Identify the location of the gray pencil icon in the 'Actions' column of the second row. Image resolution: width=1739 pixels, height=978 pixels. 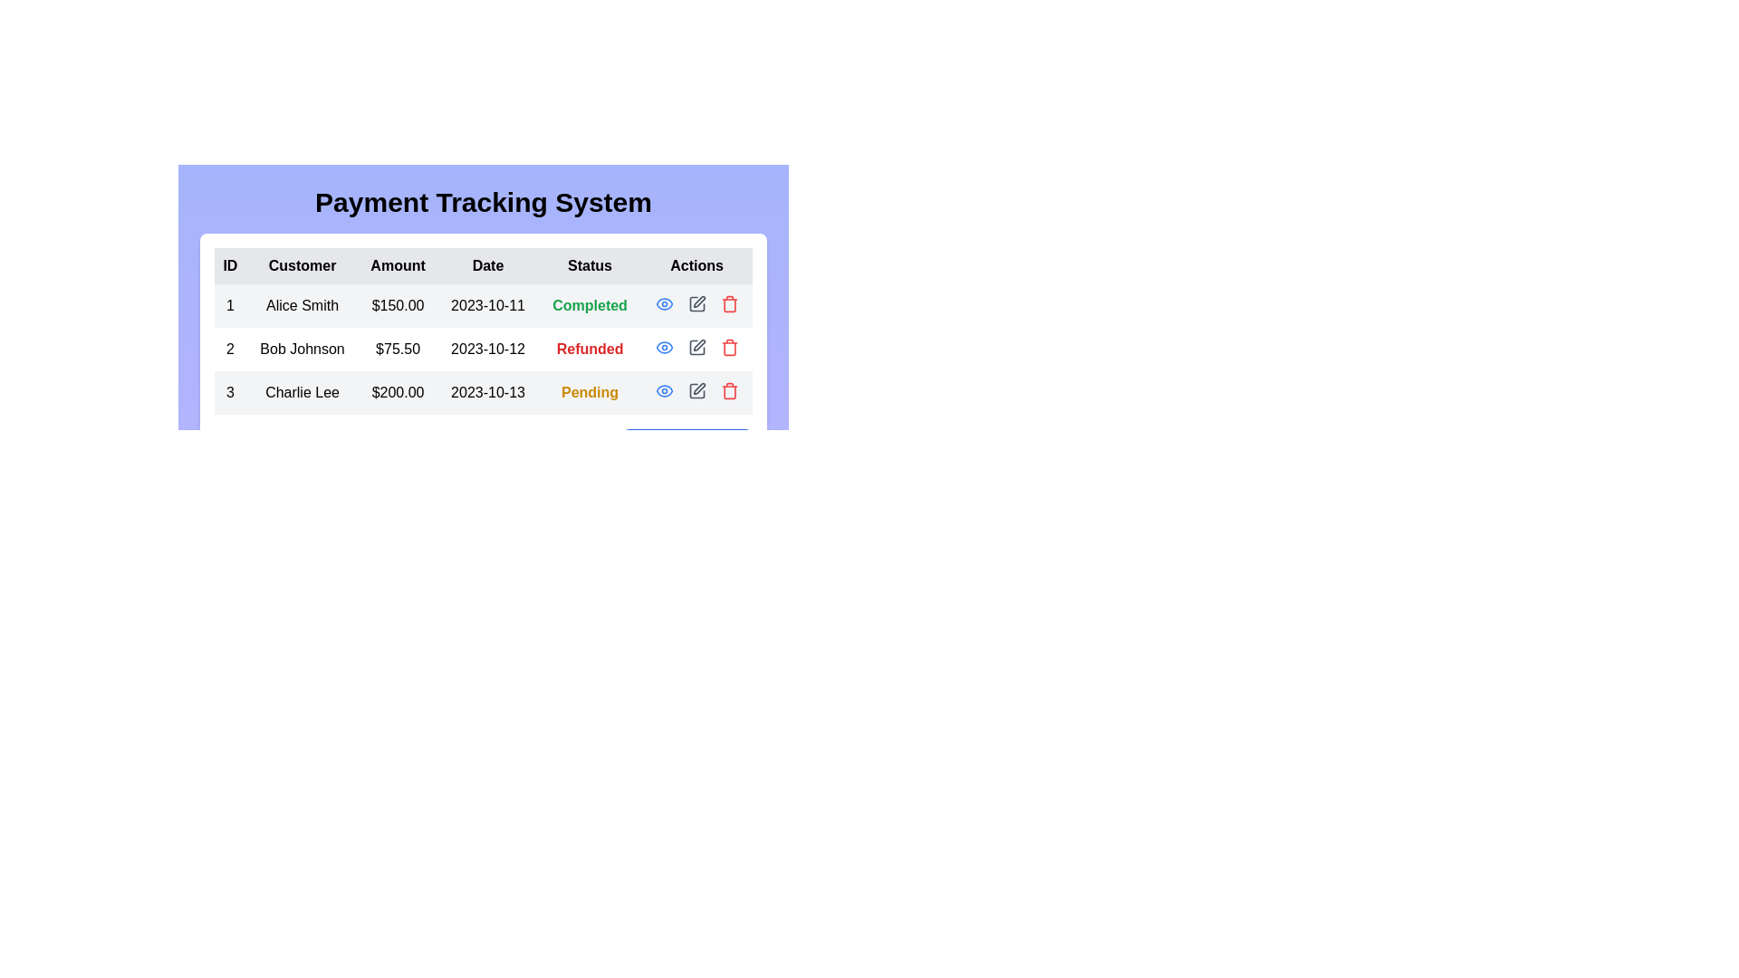
(696, 348).